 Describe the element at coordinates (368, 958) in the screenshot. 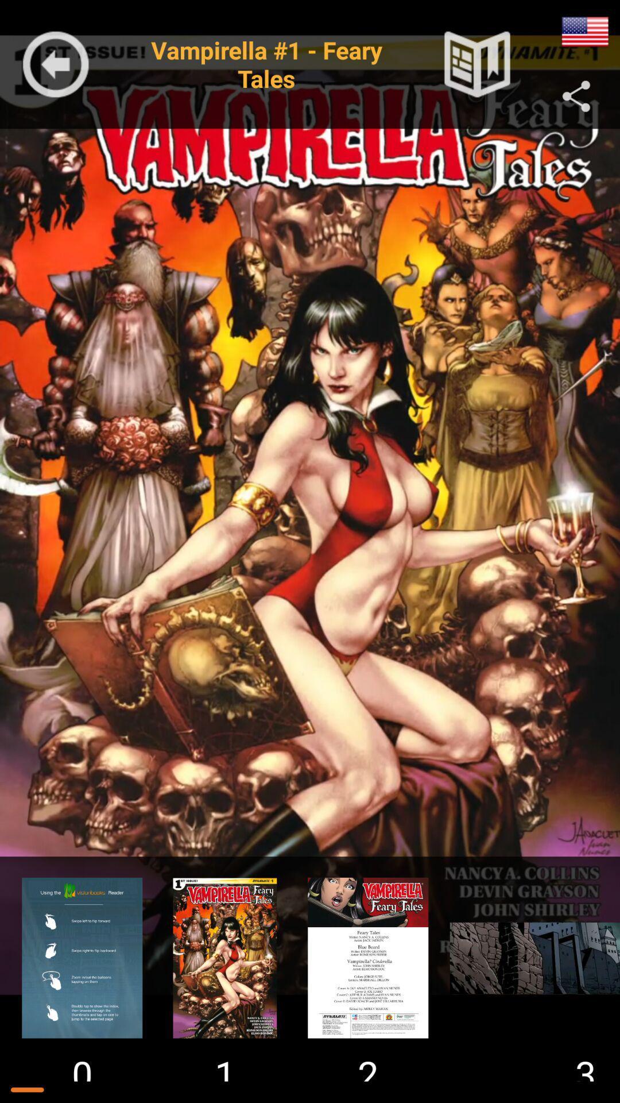

I see `preview screen` at that location.